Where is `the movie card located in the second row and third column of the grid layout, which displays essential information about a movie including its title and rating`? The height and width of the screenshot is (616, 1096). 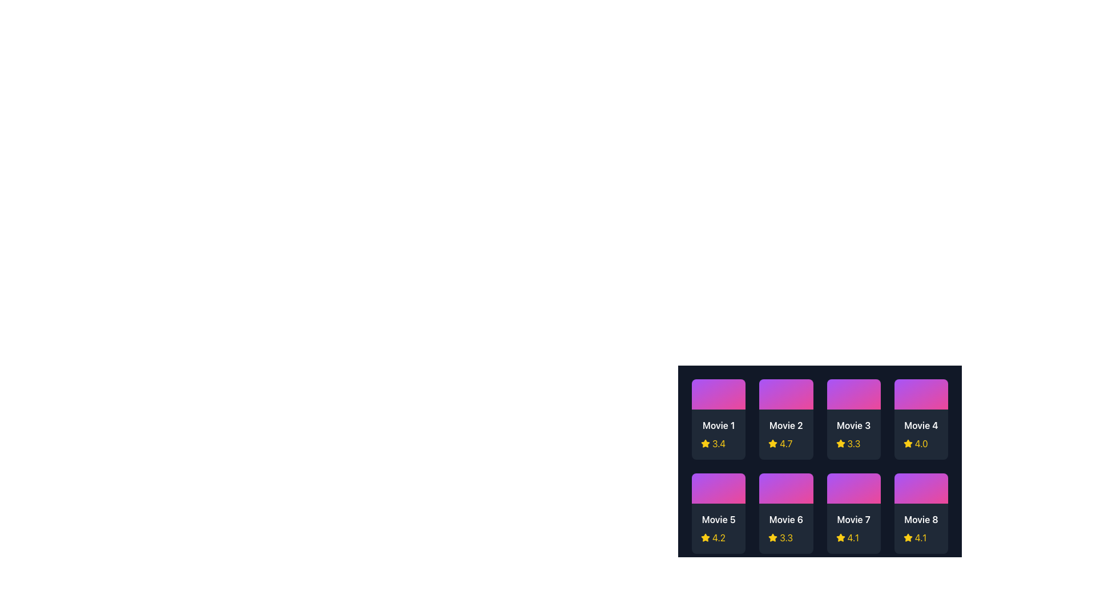 the movie card located in the second row and third column of the grid layout, which displays essential information about a movie including its title and rating is located at coordinates (785, 513).